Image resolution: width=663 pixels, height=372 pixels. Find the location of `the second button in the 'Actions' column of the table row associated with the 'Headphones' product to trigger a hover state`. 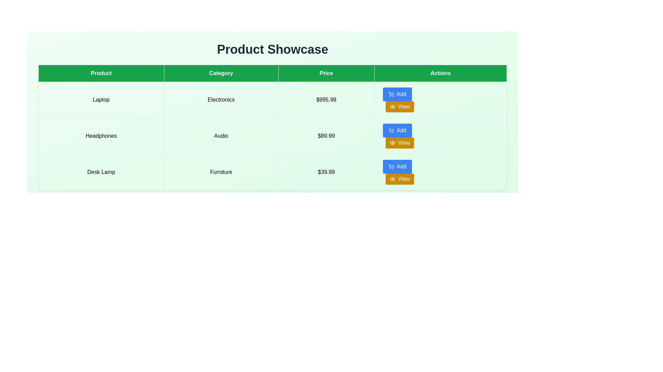

the second button in the 'Actions' column of the table row associated with the 'Headphones' product to trigger a hover state is located at coordinates (400, 143).